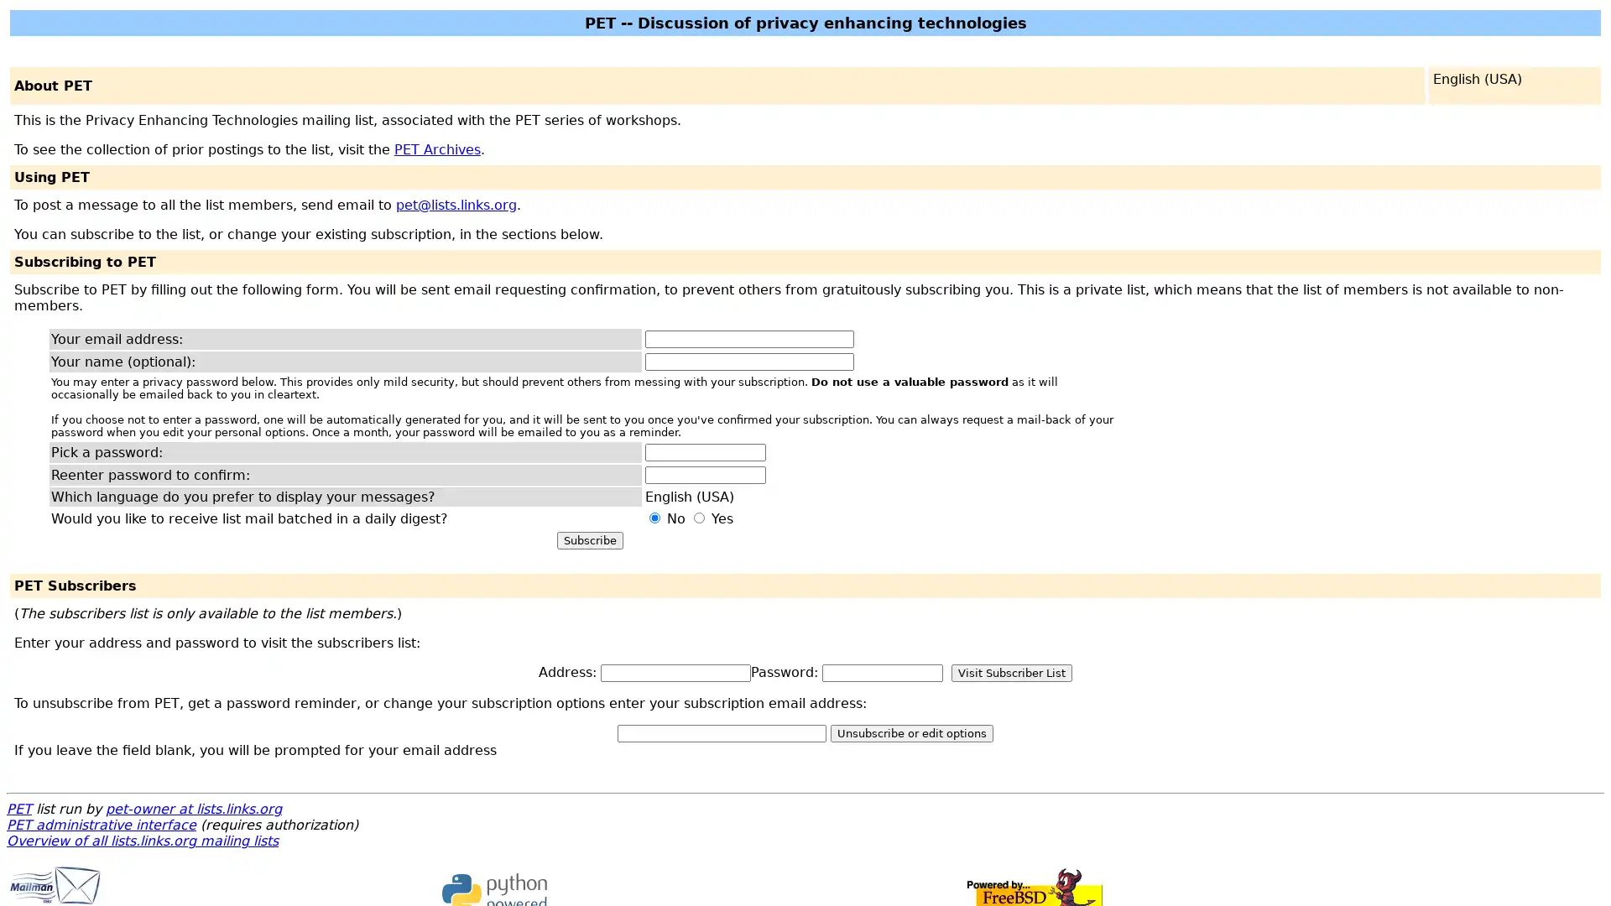  I want to click on Unsubscribe or edit options, so click(910, 732).